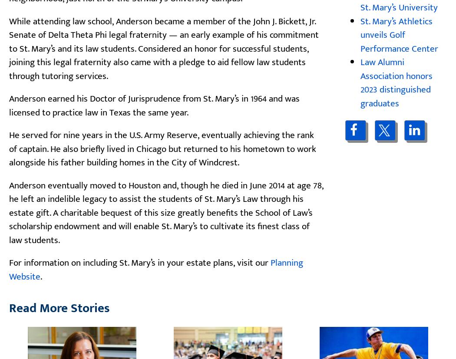 The height and width of the screenshot is (359, 456). I want to click on '.', so click(40, 276).